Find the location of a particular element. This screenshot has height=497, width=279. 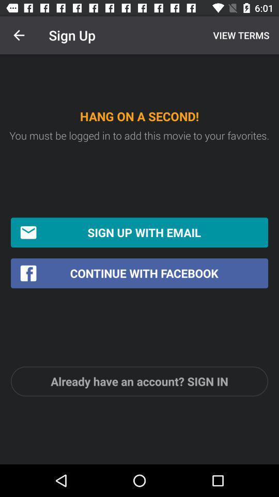

the icon to the left of the sign up item is located at coordinates (19, 35).